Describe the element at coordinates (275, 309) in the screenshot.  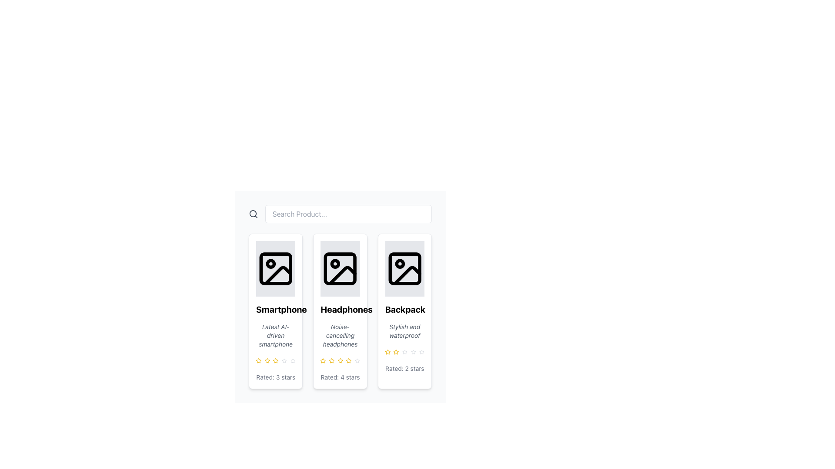
I see `the 'Smartphone' text label to interact with the product card, which is styled in a bold and large font, centrally aligned within its card layout` at that location.